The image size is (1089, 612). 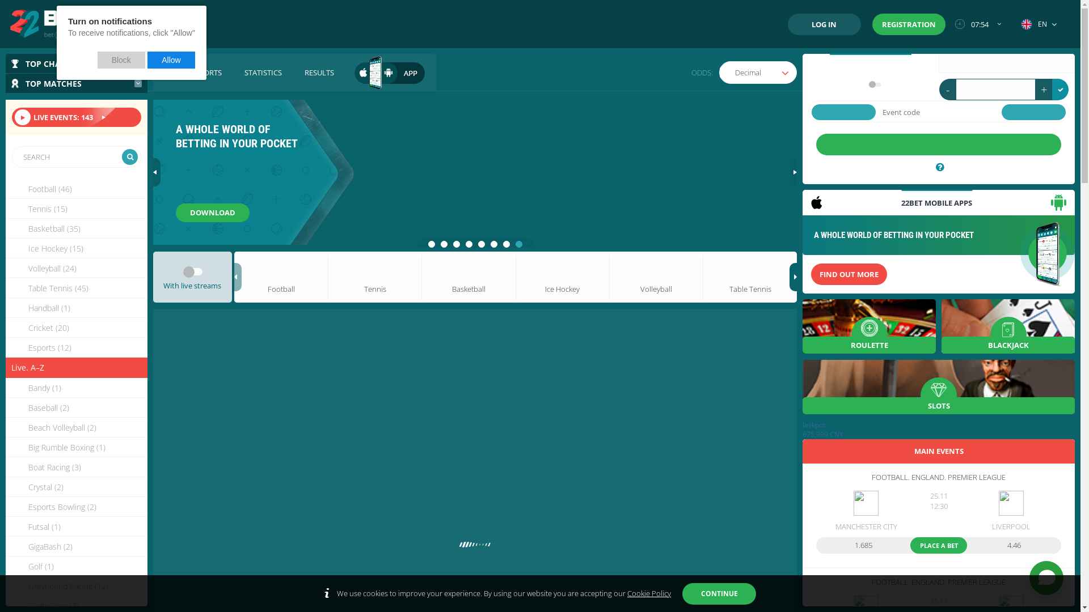 What do you see at coordinates (75, 248) in the screenshot?
I see `'Ice Hockey` at bounding box center [75, 248].